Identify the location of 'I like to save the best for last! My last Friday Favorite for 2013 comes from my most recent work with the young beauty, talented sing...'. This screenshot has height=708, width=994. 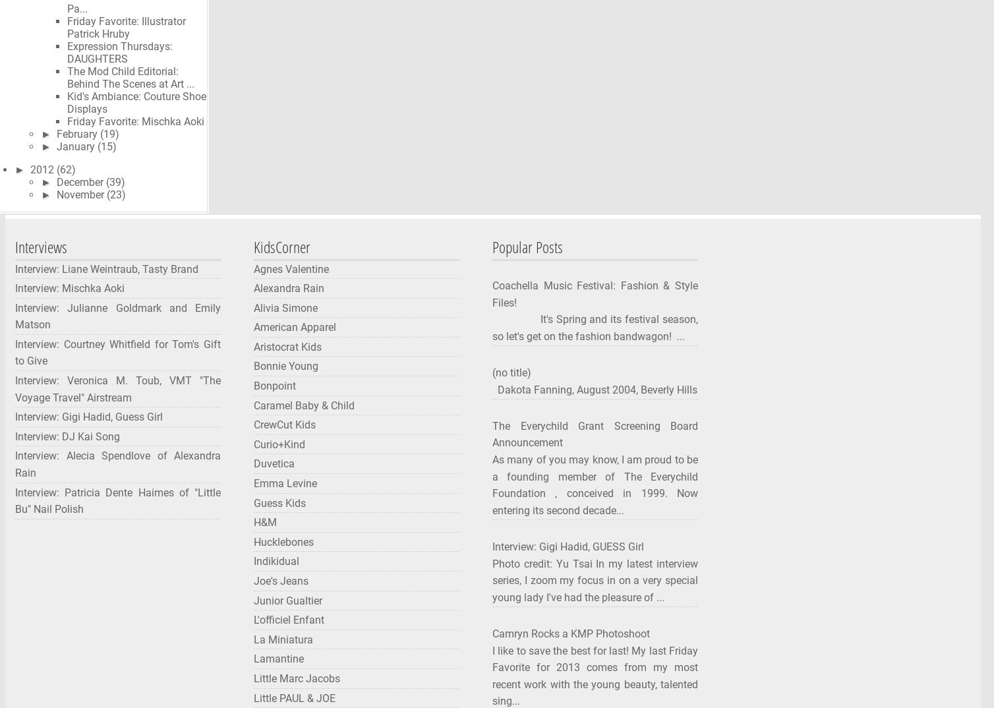
(492, 676).